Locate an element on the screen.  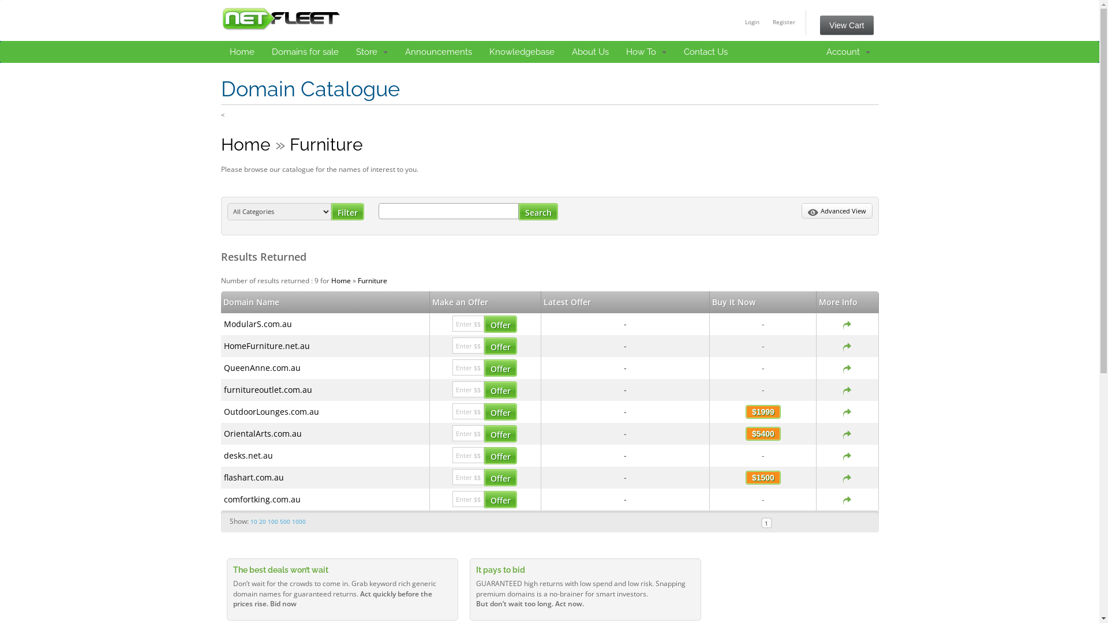
'Store  ' is located at coordinates (372, 51).